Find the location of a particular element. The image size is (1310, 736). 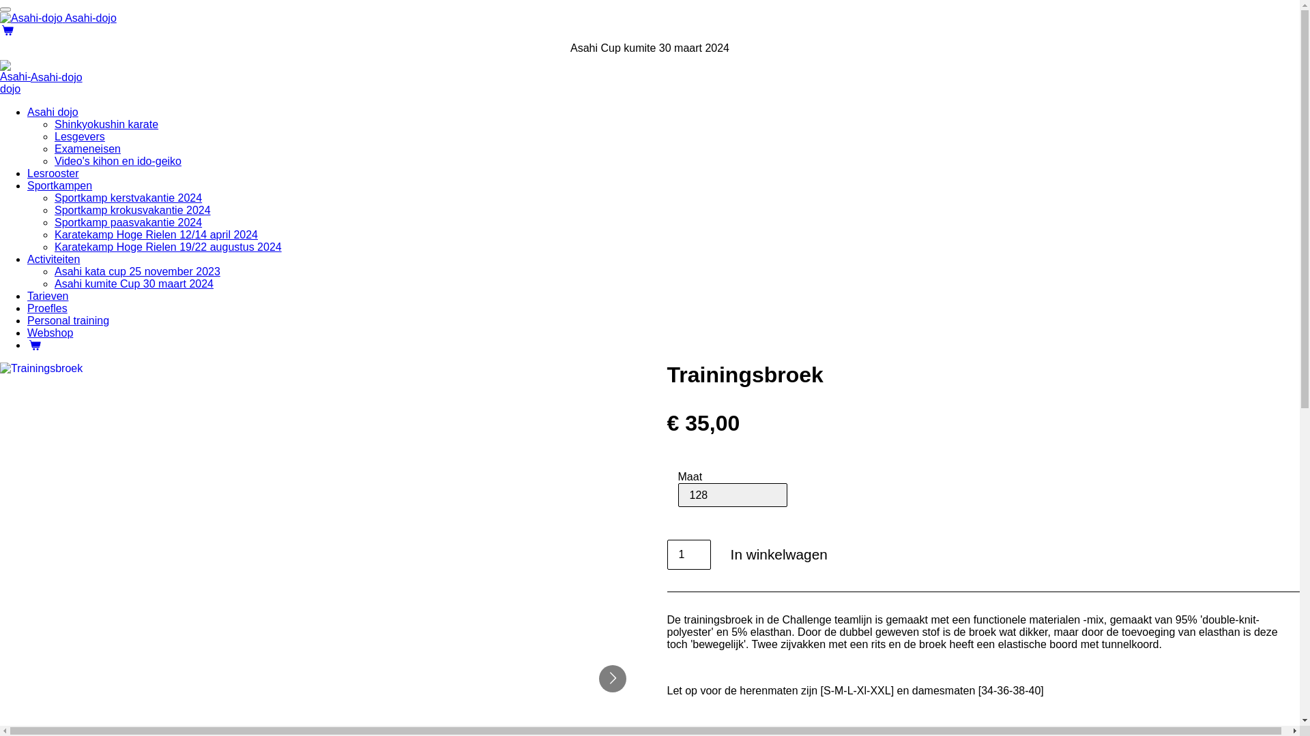

'Lesrooster' is located at coordinates (53, 172).